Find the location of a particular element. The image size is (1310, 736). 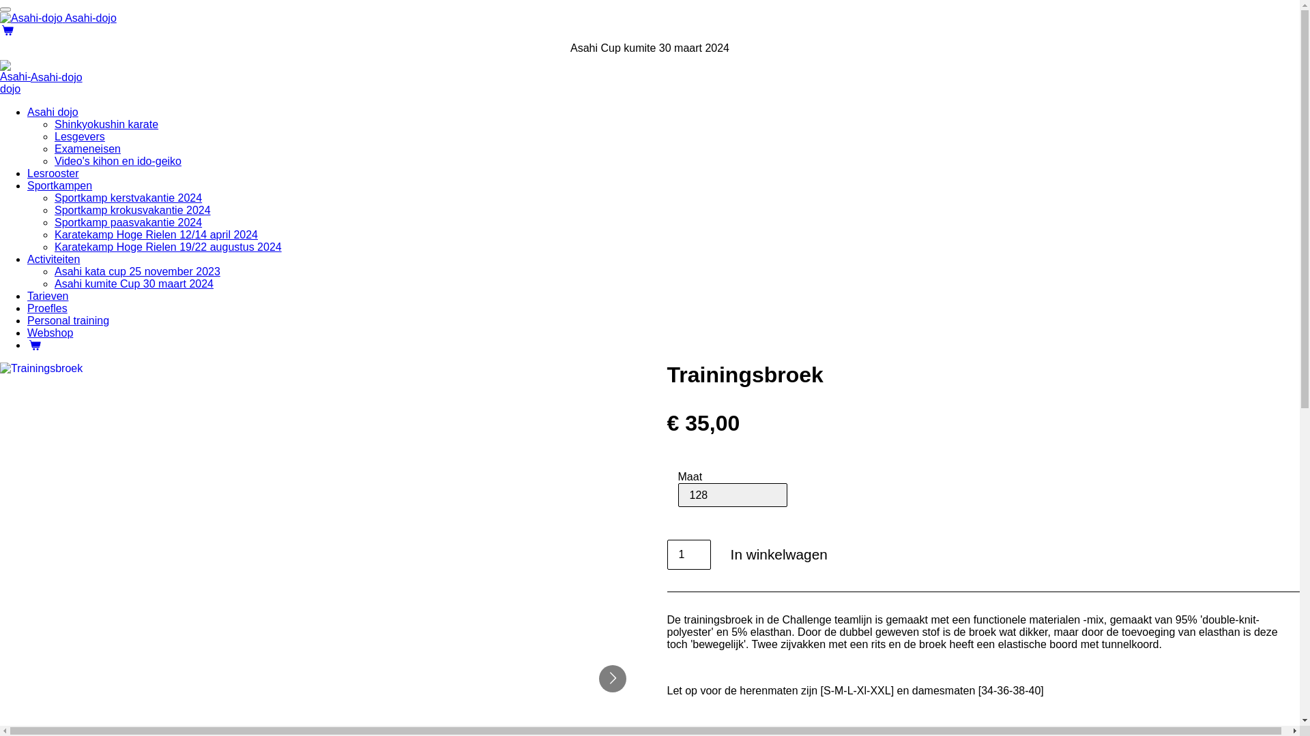

'Lesrooster' is located at coordinates (53, 172).